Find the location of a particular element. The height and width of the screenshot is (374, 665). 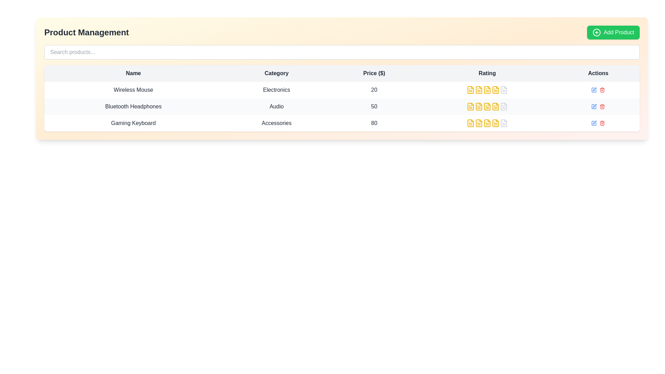

one of the yellow rating icons in the 'Rating' column for the 'Wireless Mouse' row to modify the rating is located at coordinates (487, 89).